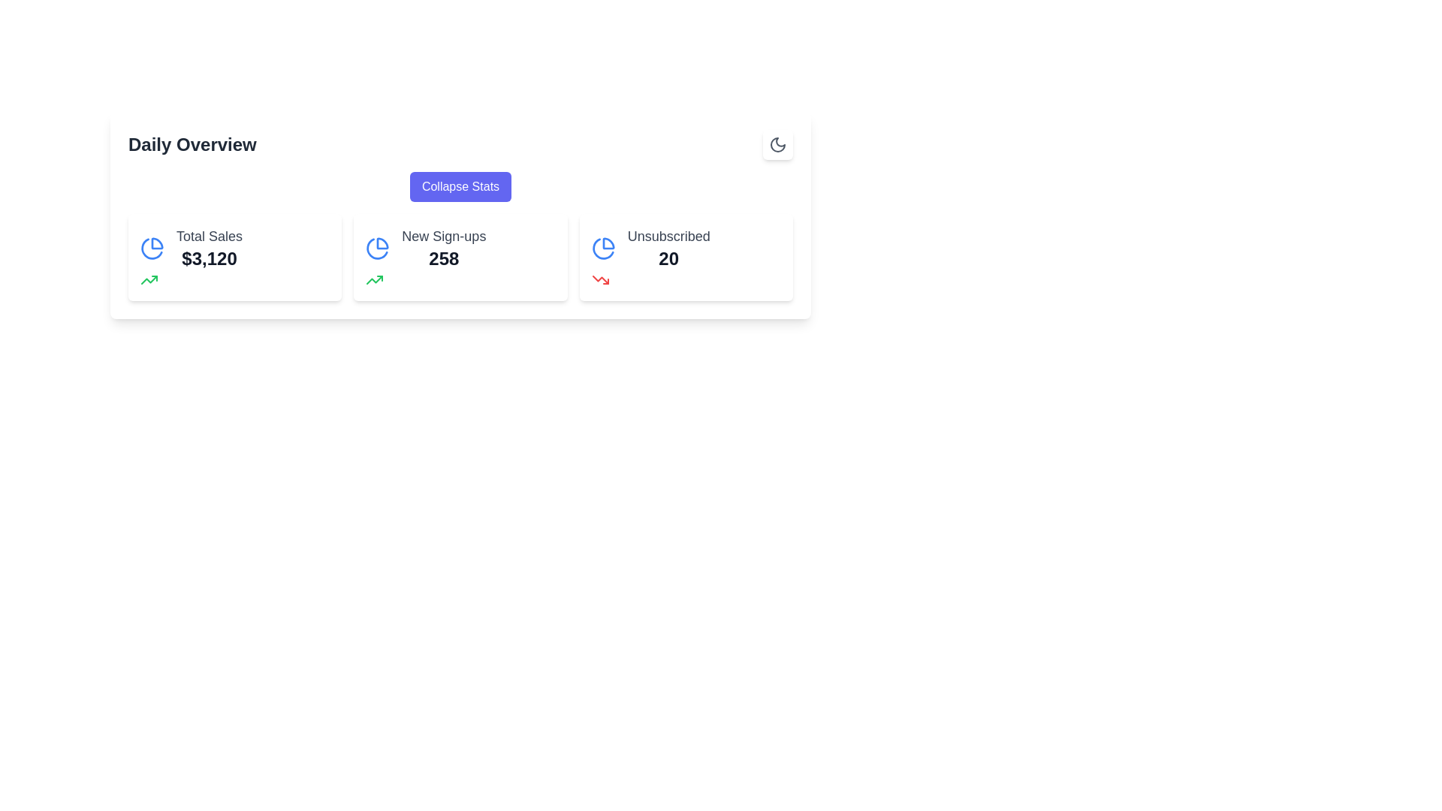 The width and height of the screenshot is (1442, 811). I want to click on the crescent moon icon with a dark outline, which is part of an SVG group styled in light gray, located near the top-right corner of the interface, so click(778, 144).